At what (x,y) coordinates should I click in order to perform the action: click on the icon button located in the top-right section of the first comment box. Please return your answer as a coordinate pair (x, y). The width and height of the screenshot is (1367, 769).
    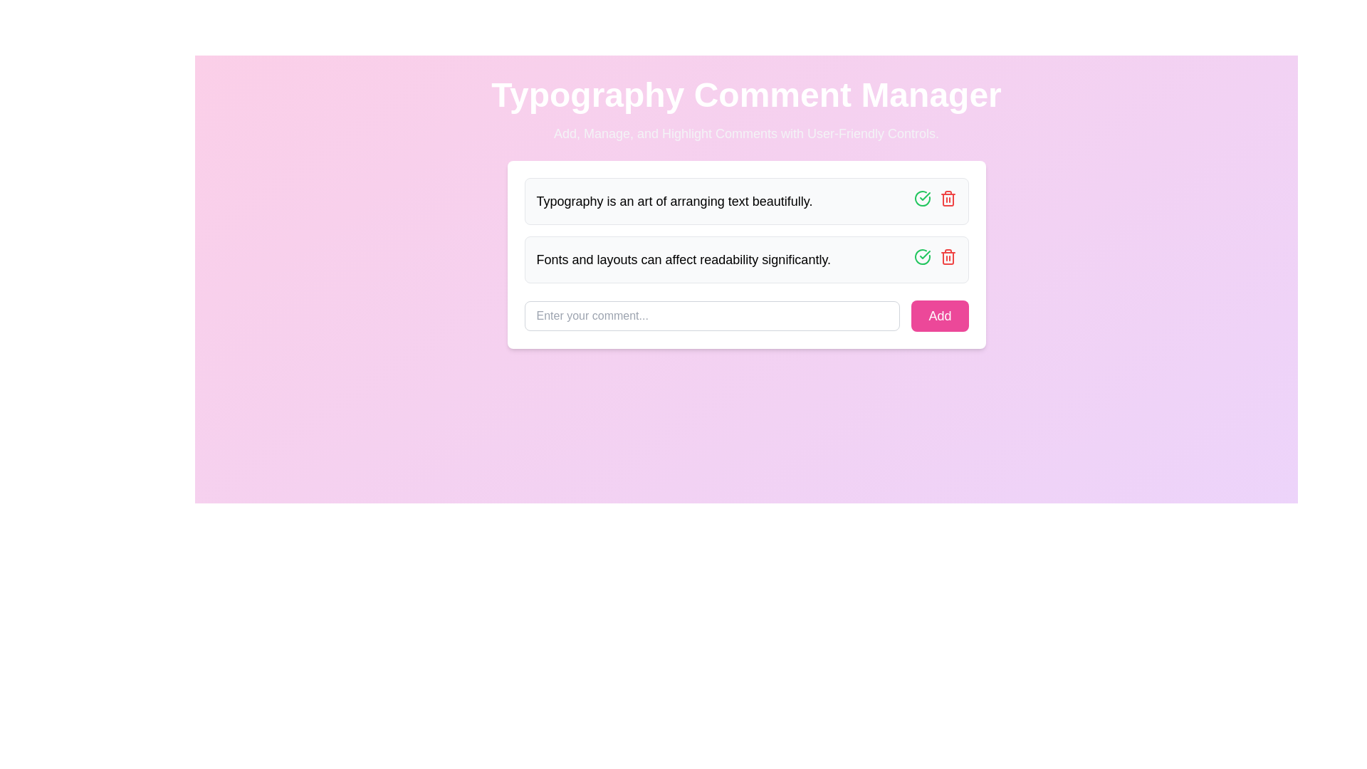
    Looking at the image, I should click on (922, 198).